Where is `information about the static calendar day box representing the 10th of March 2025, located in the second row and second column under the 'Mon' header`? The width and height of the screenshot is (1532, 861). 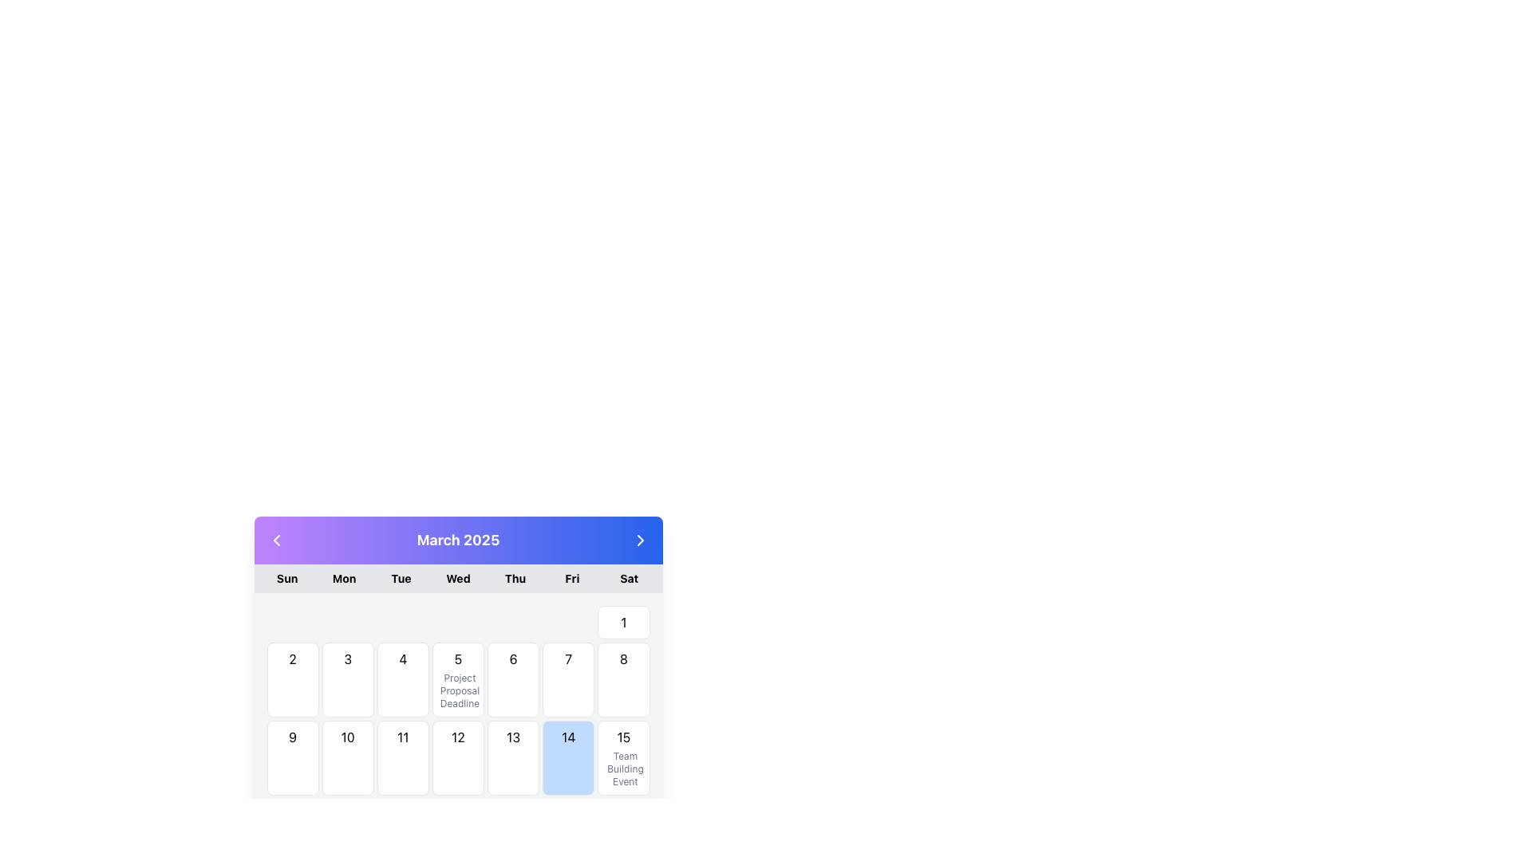
information about the static calendar day box representing the 10th of March 2025, located in the second row and second column under the 'Mon' header is located at coordinates (347, 757).